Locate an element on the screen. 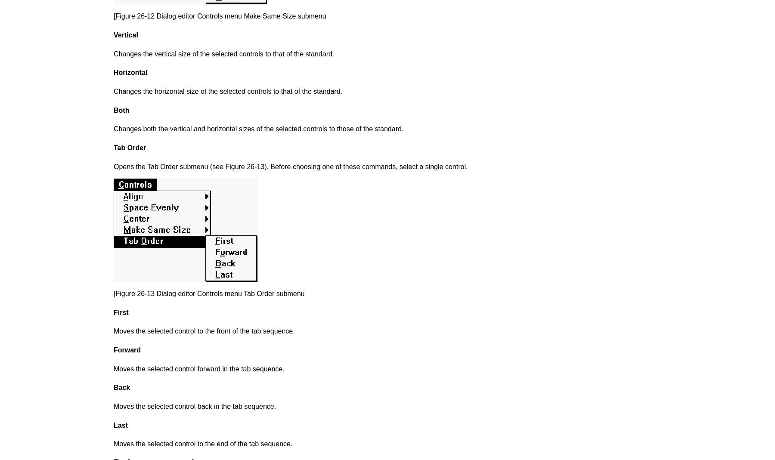 This screenshot has width=775, height=460. 'Last' is located at coordinates (113, 425).